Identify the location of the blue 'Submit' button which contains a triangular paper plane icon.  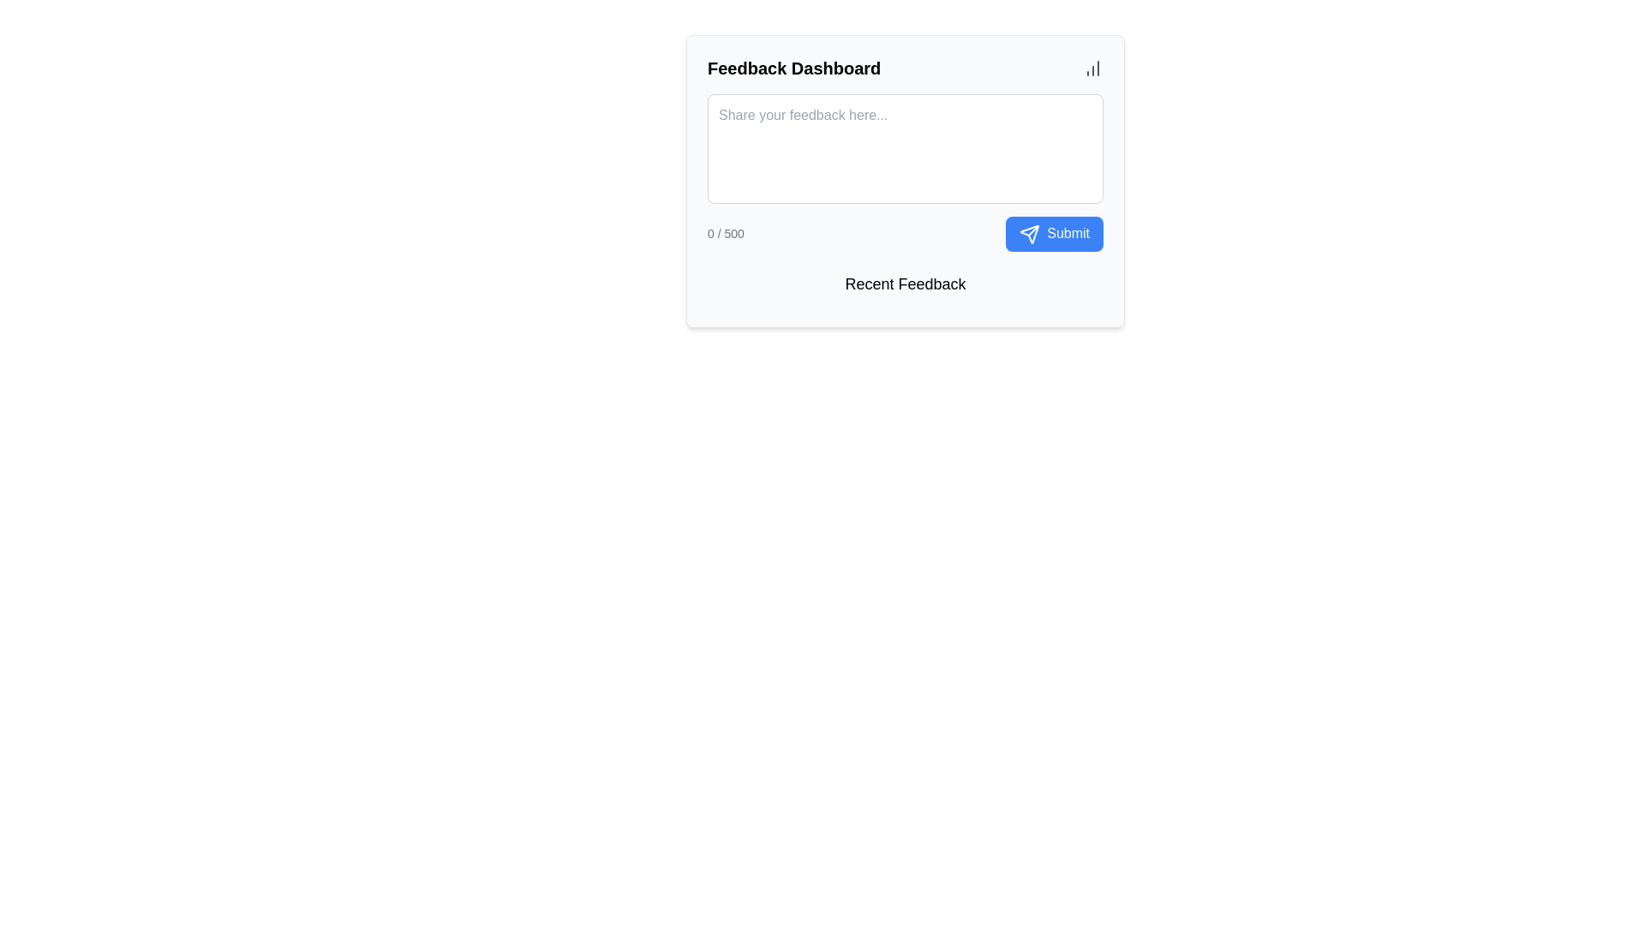
(1029, 234).